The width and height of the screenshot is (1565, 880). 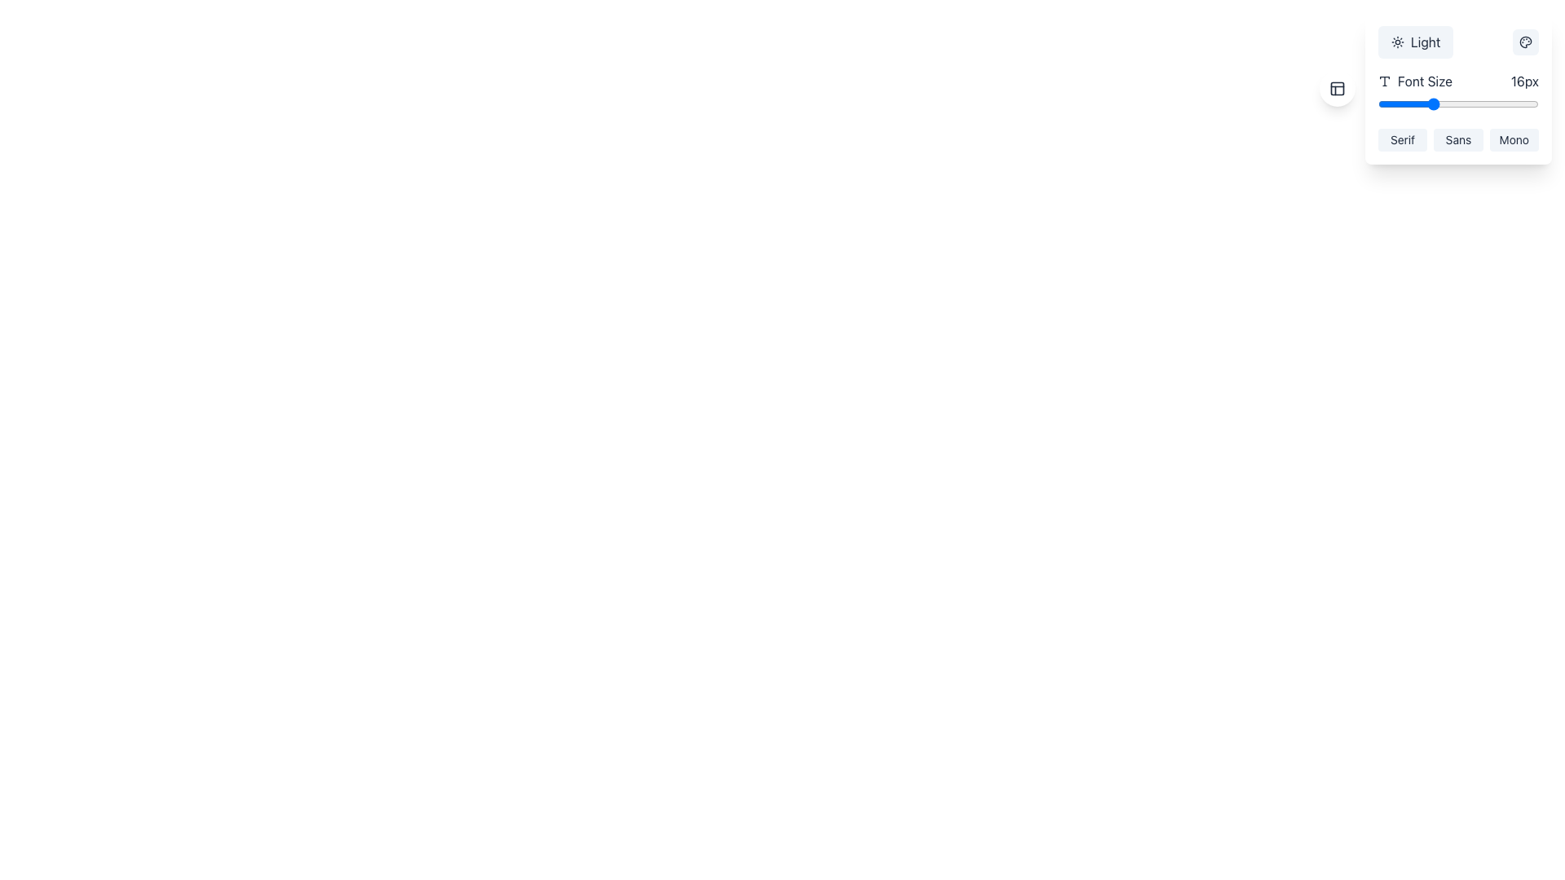 I want to click on the font size, so click(x=1391, y=103).